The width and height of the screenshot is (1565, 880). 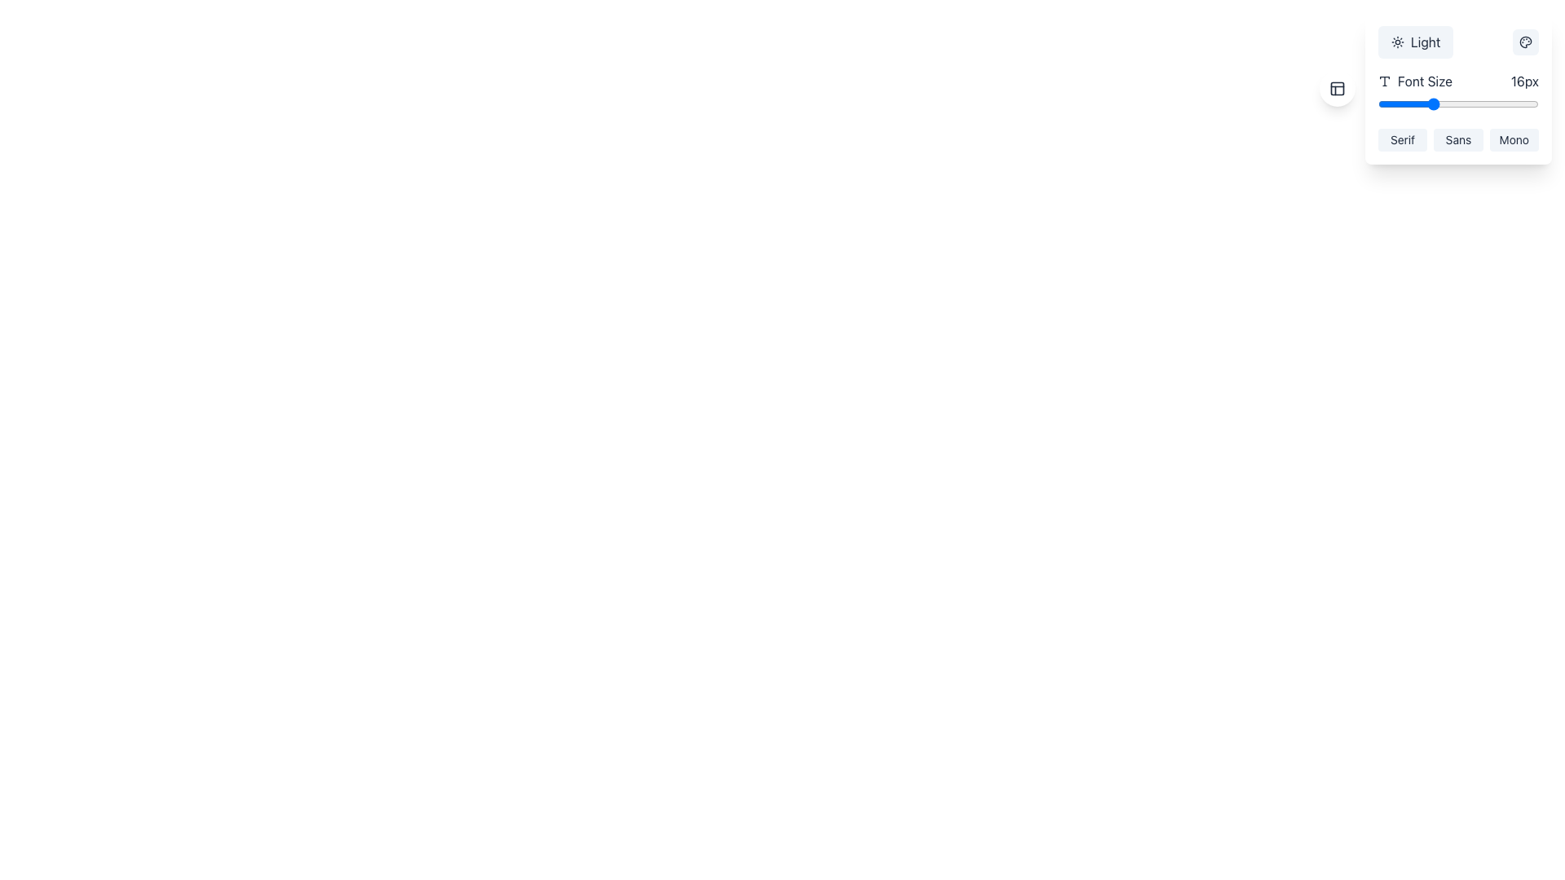 I want to click on the font size, so click(x=1391, y=103).